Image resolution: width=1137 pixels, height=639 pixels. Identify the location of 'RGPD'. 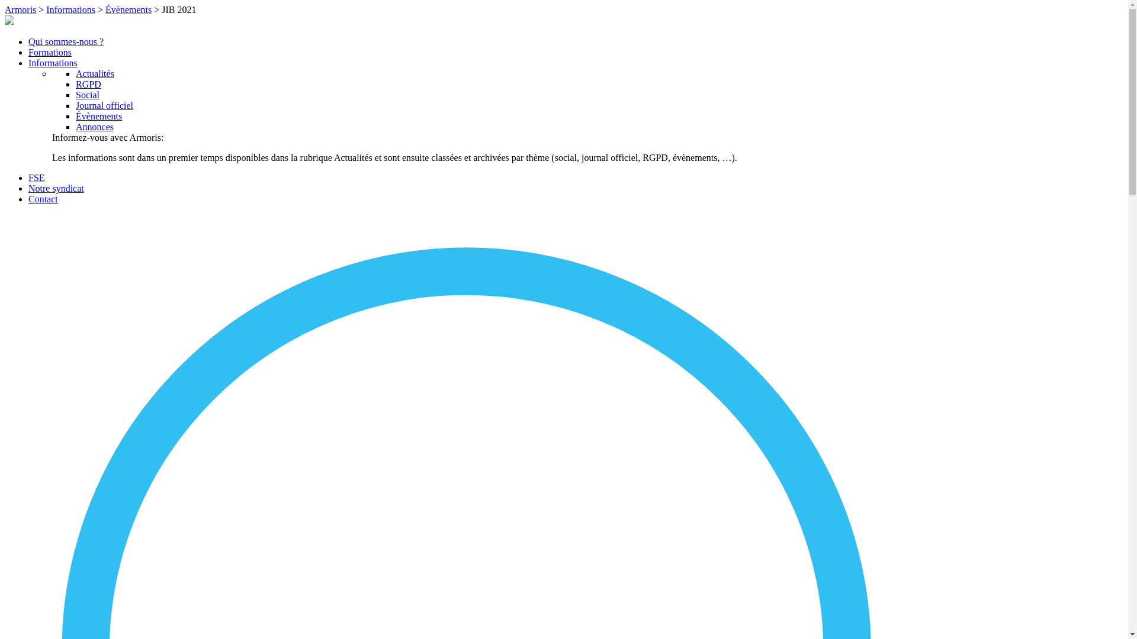
(88, 83).